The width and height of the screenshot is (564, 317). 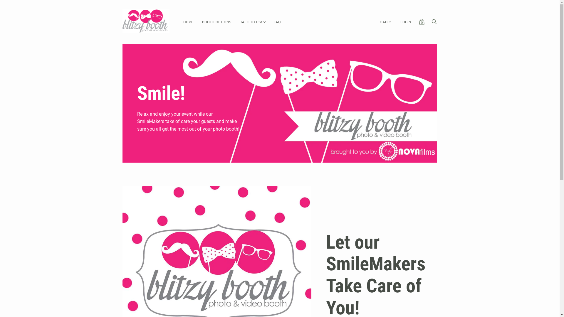 What do you see at coordinates (188, 22) in the screenshot?
I see `'HOME'` at bounding box center [188, 22].